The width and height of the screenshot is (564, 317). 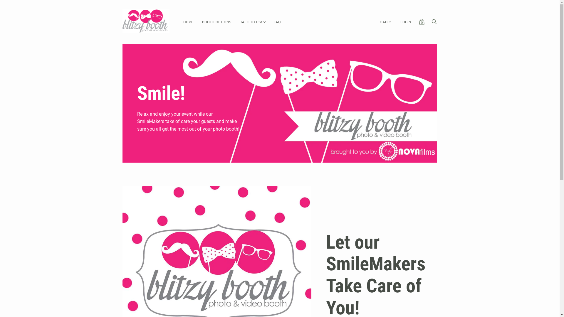 What do you see at coordinates (188, 22) in the screenshot?
I see `'HOME'` at bounding box center [188, 22].